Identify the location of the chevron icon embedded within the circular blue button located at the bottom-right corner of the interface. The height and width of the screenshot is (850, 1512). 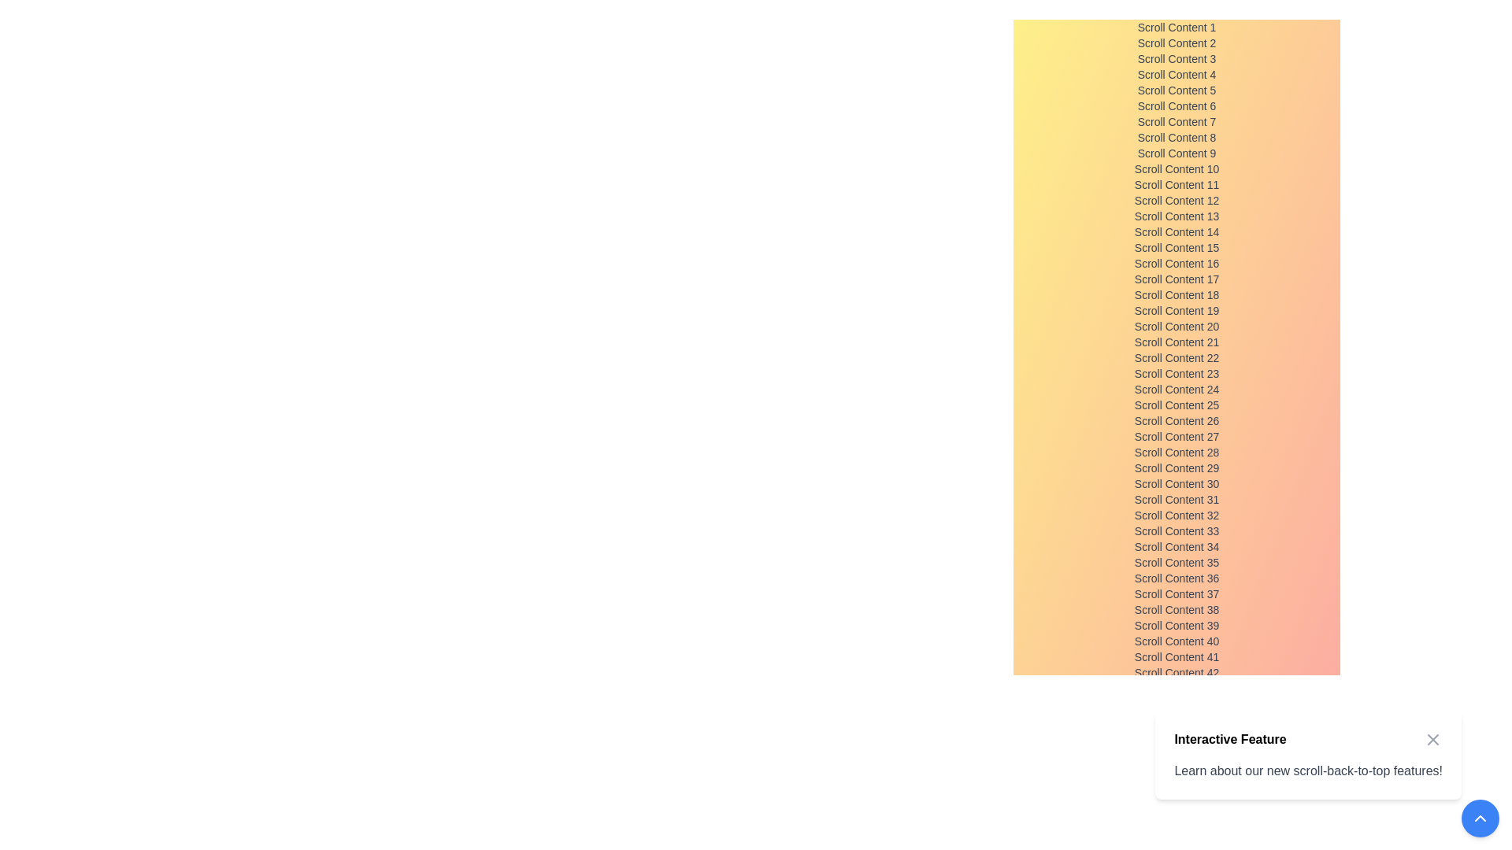
(1480, 818).